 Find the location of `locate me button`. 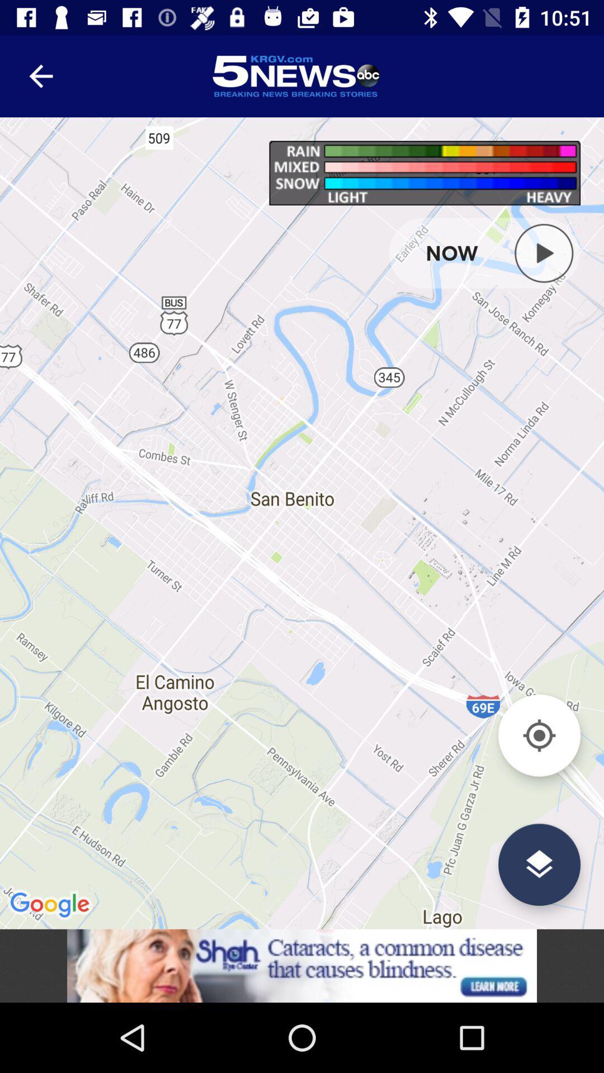

locate me button is located at coordinates (539, 735).